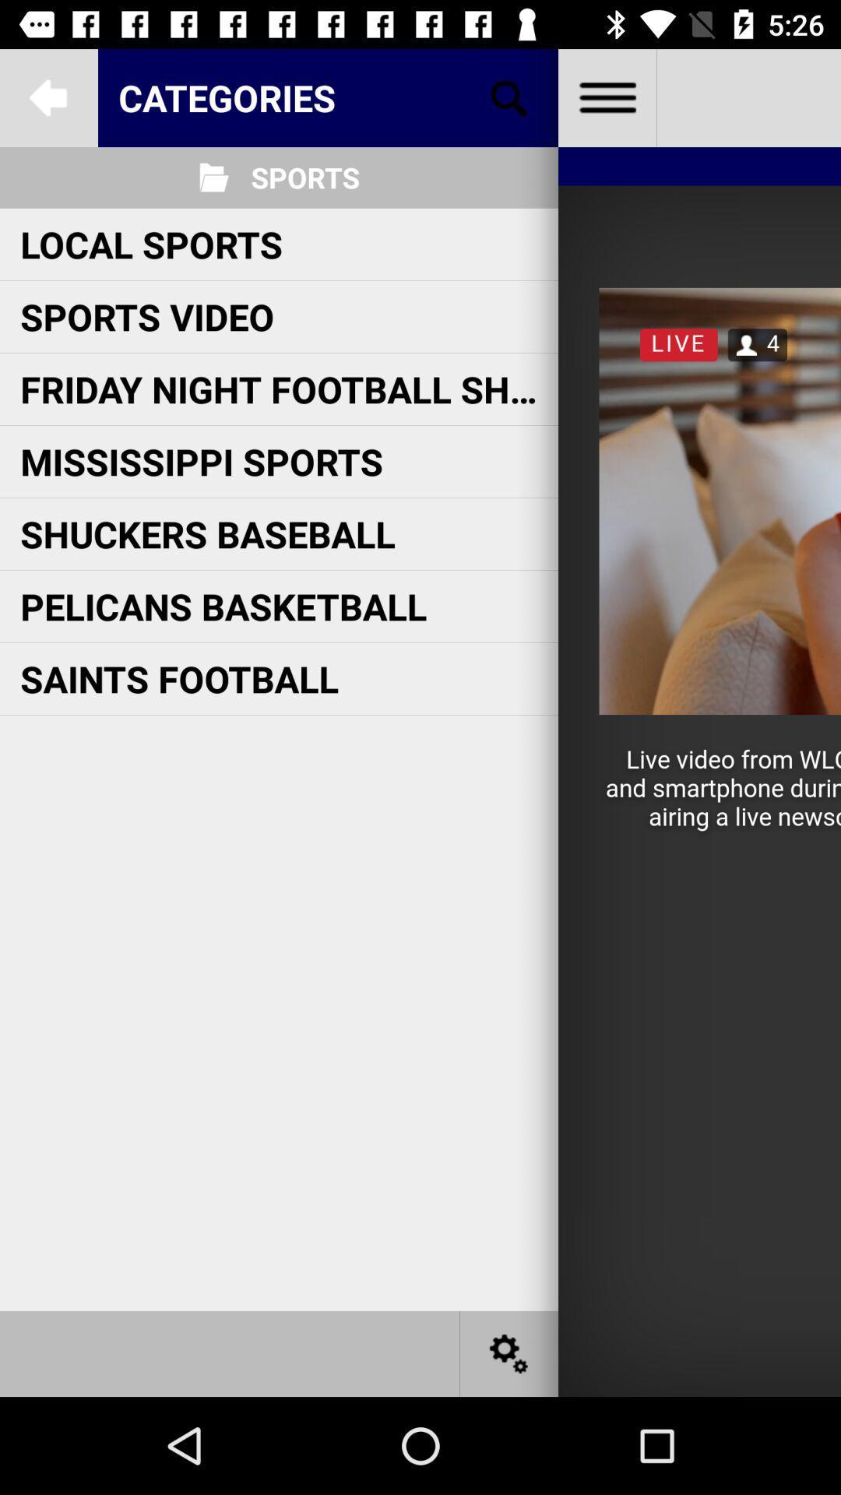  I want to click on the settings icon, so click(509, 1353).